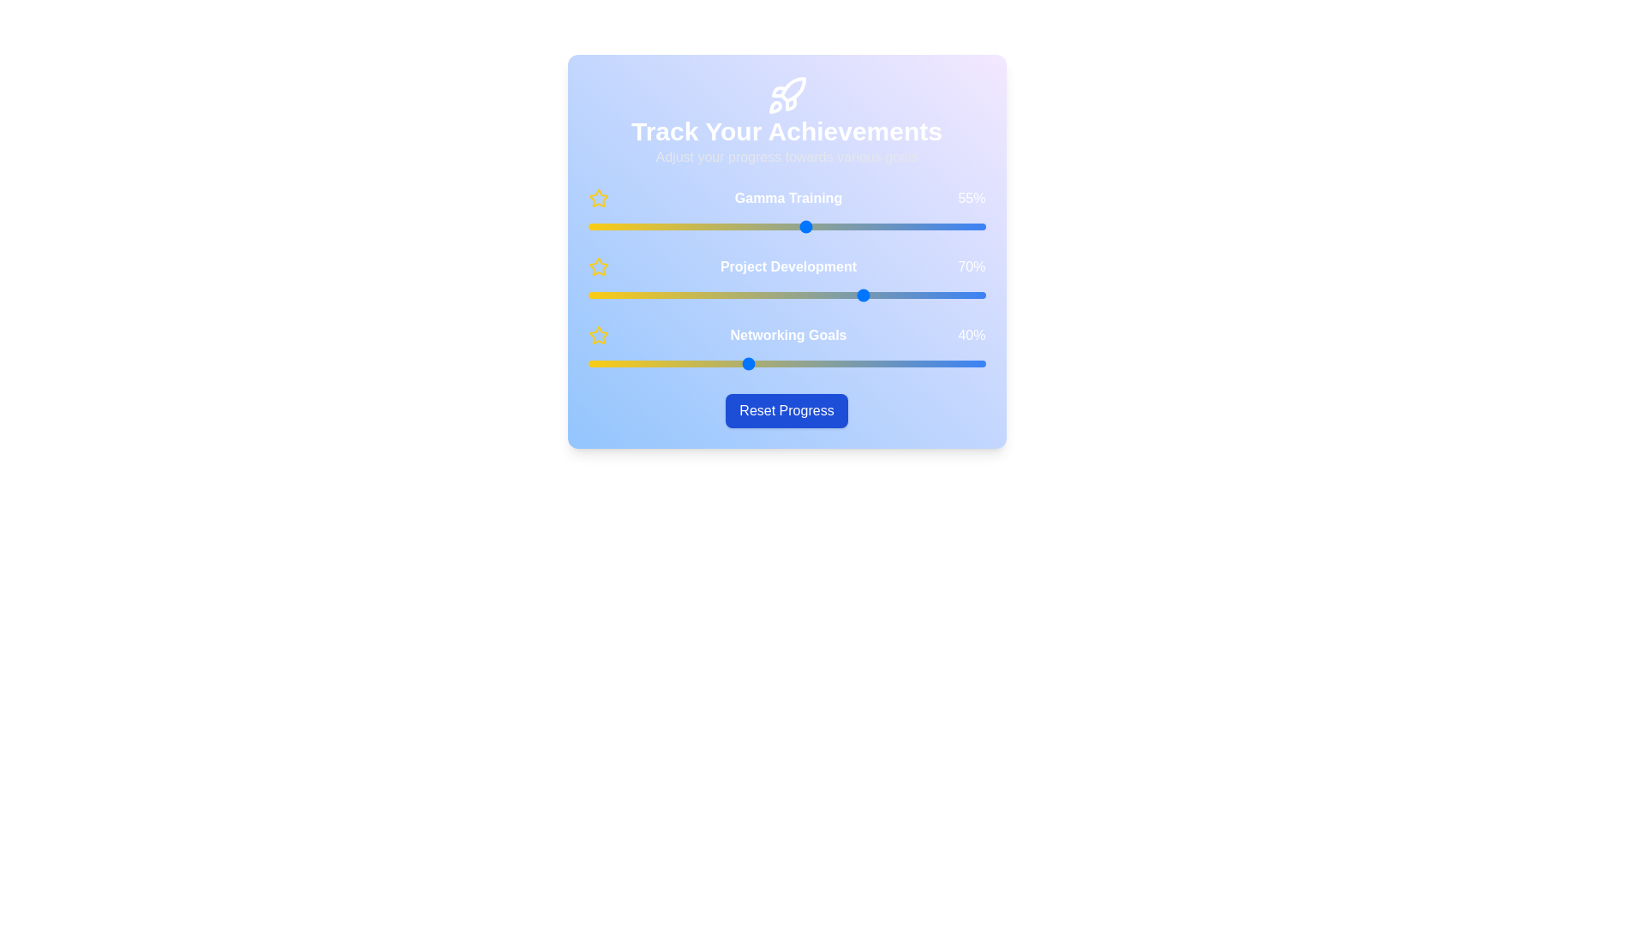  What do you see at coordinates (834, 294) in the screenshot?
I see `the 'Project Development' slider to 62%` at bounding box center [834, 294].